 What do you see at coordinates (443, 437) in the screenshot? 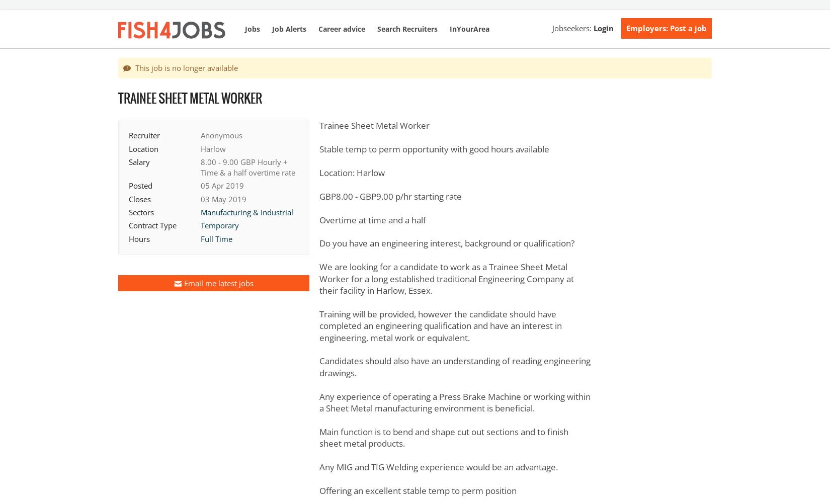
I see `'Main function is to bend and shape cut out sections and to finish sheet metal products.'` at bounding box center [443, 437].